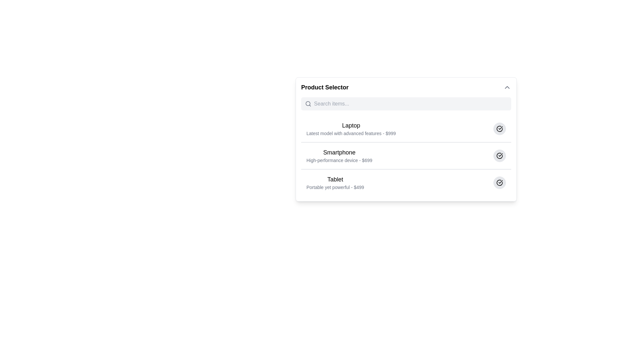  I want to click on the second entry in the vertically arranged list of electronic devices, which is styled in a clean and minimalistic manner and is located between the Laptop and Tablet entries, so click(406, 146).